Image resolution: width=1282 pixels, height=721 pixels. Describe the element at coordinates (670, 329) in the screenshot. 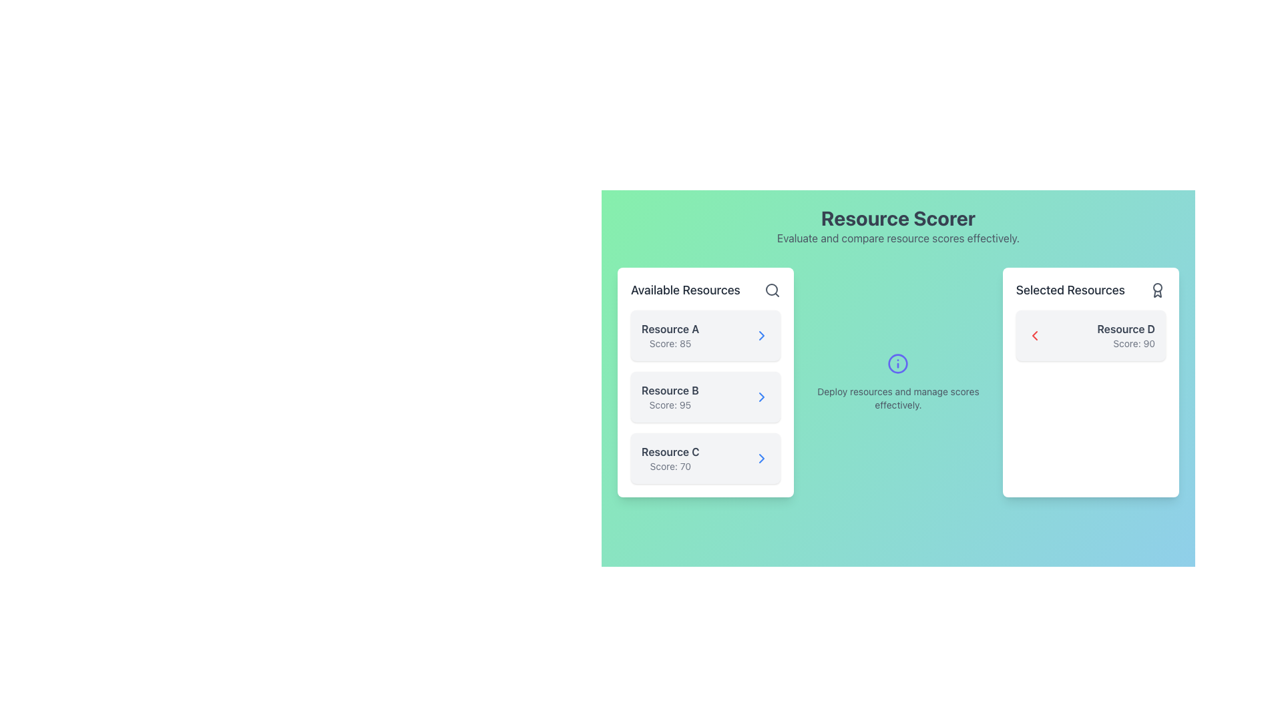

I see `the text label displaying 'Resource A', which is in bold gray font at the top-left corner of the first item in a vertical list of resources` at that location.